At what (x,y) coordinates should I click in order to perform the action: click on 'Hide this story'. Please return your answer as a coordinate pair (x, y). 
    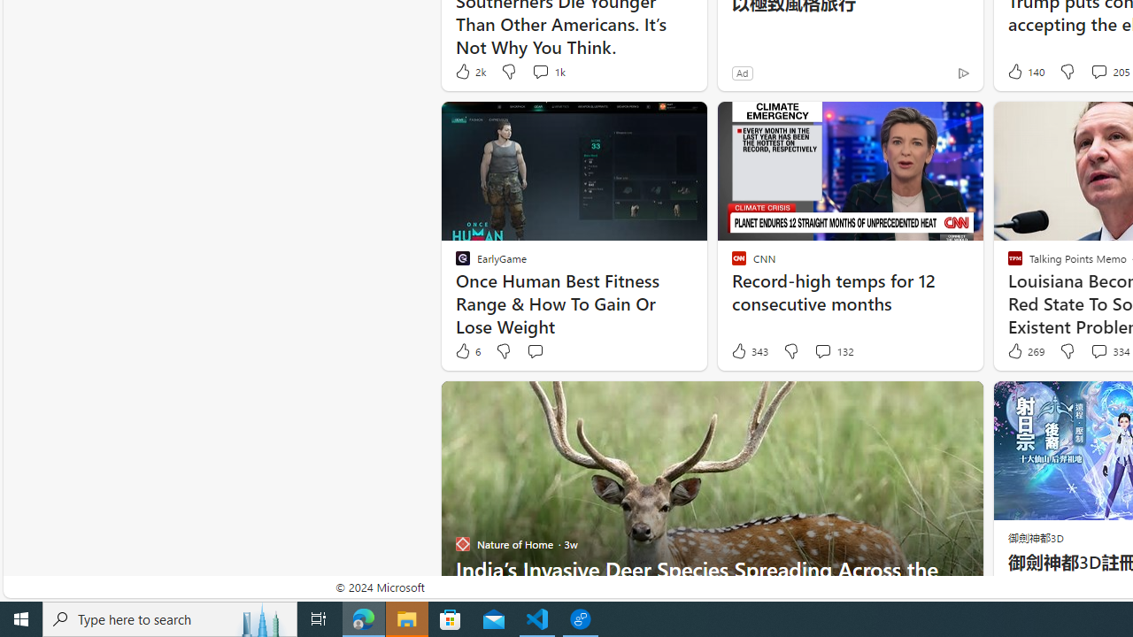
    Looking at the image, I should click on (929, 403).